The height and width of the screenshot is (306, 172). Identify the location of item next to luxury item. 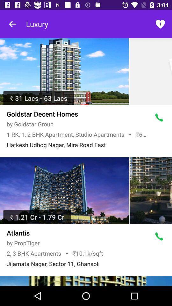
(12, 24).